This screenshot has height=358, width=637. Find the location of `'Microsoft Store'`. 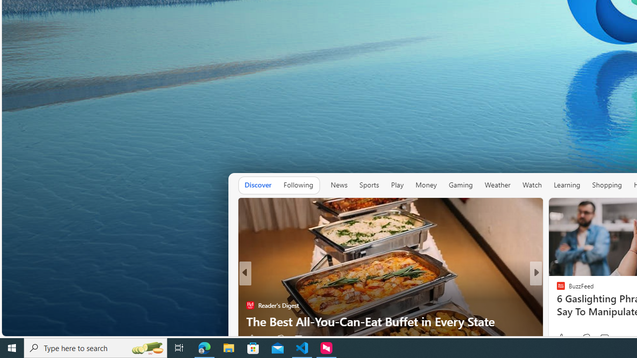

'Microsoft Store' is located at coordinates (253, 347).